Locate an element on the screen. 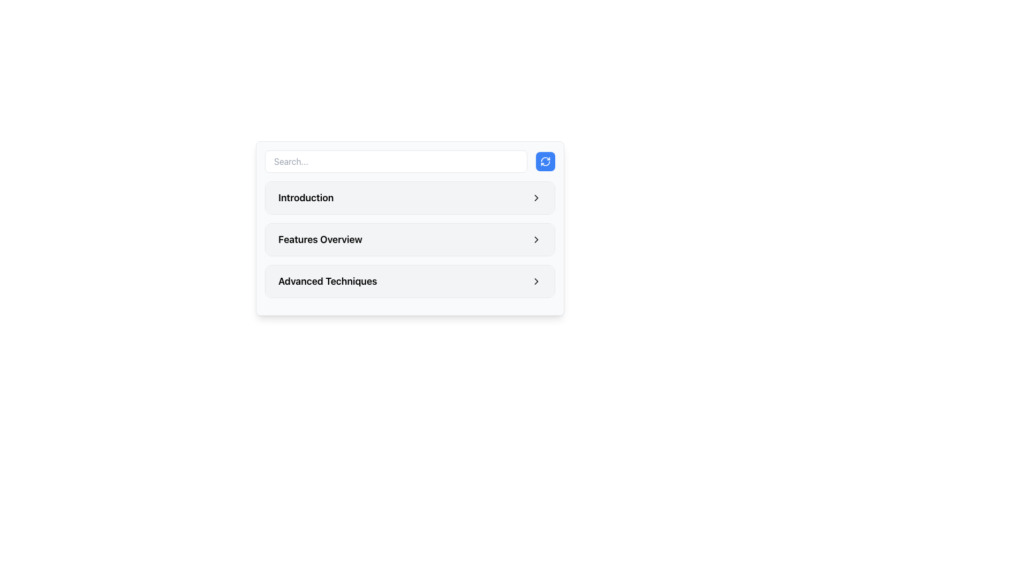 This screenshot has height=578, width=1028. the first button below the search bar is located at coordinates (410, 198).